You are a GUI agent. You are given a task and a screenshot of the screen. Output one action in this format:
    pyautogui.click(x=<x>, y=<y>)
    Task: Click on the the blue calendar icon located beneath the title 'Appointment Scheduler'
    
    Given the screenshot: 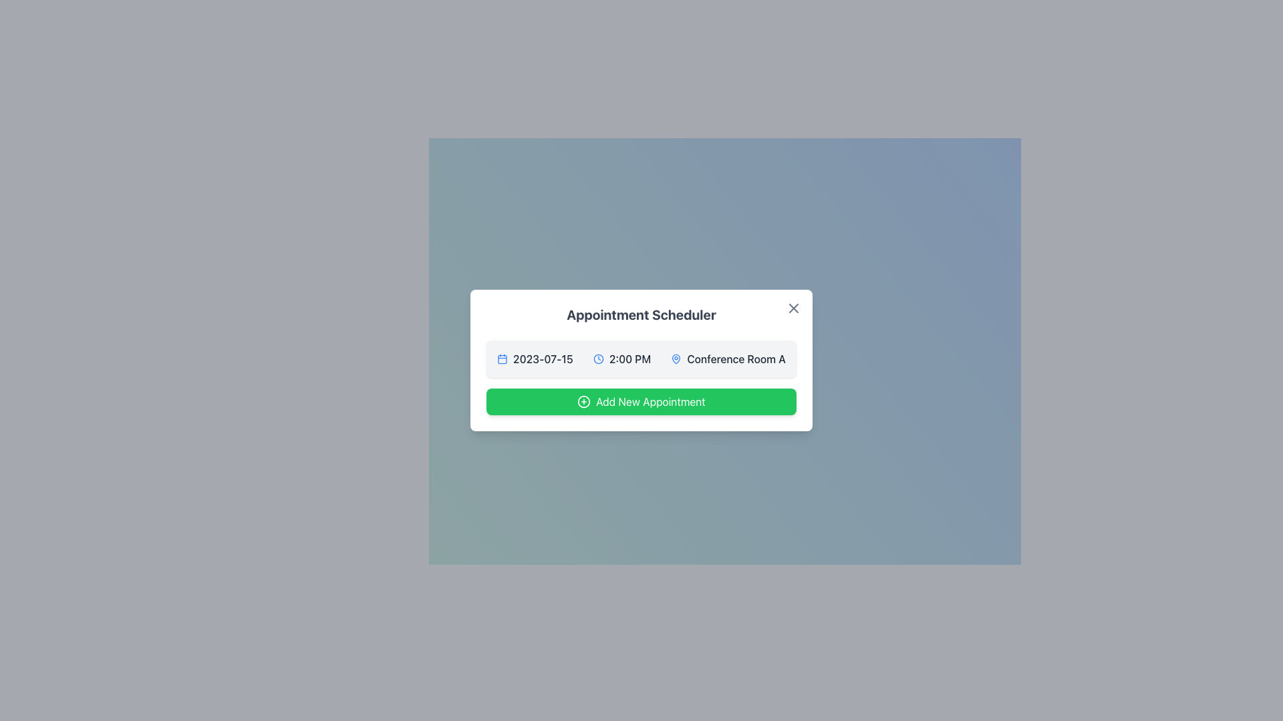 What is the action you would take?
    pyautogui.click(x=502, y=358)
    